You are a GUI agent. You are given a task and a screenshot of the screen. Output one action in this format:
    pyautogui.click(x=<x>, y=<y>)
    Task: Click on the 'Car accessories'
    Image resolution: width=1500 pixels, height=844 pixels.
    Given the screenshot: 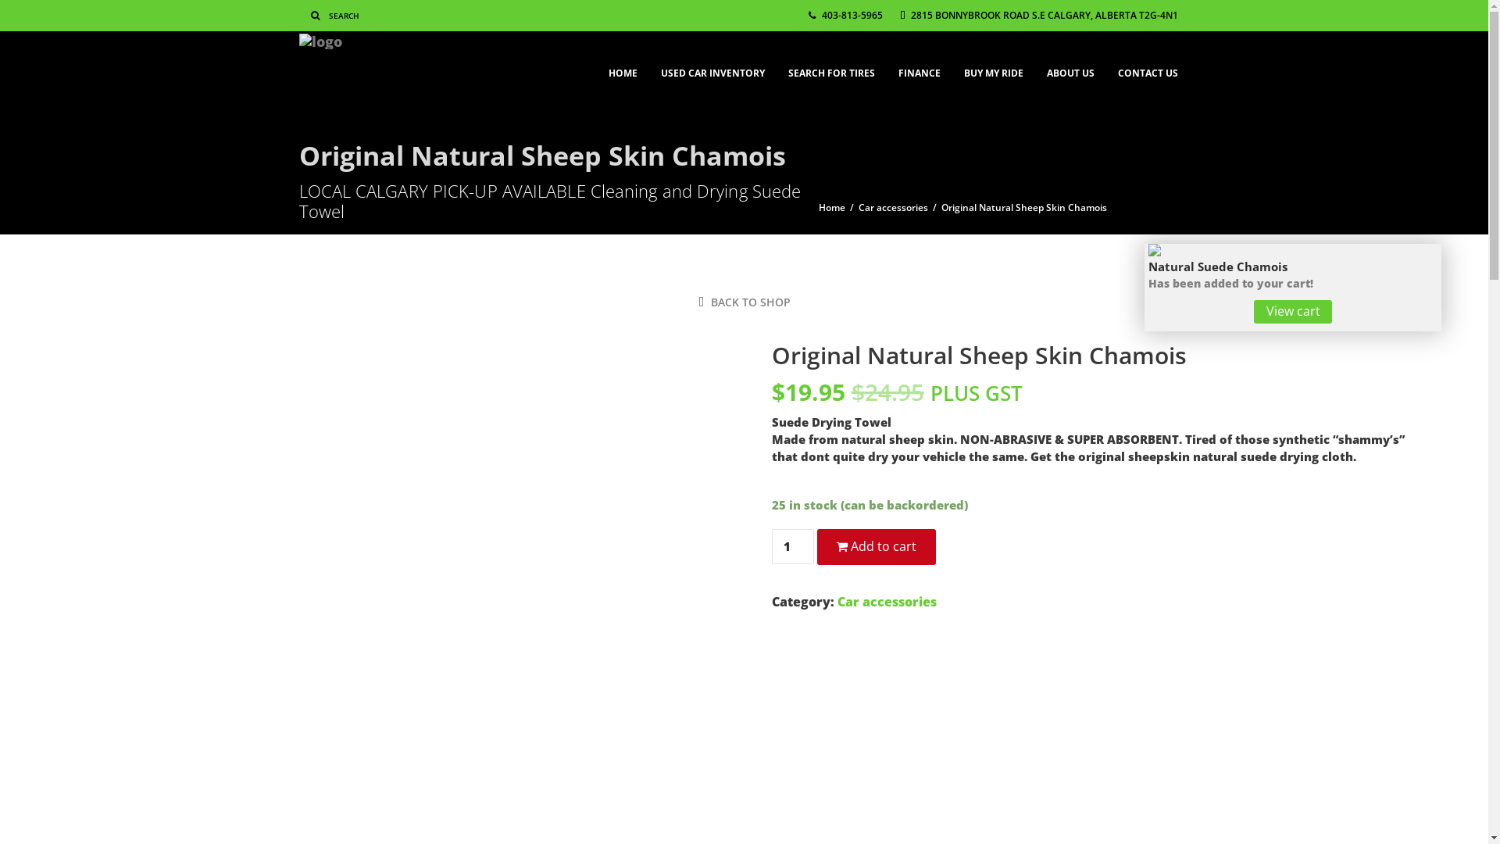 What is the action you would take?
    pyautogui.click(x=887, y=601)
    